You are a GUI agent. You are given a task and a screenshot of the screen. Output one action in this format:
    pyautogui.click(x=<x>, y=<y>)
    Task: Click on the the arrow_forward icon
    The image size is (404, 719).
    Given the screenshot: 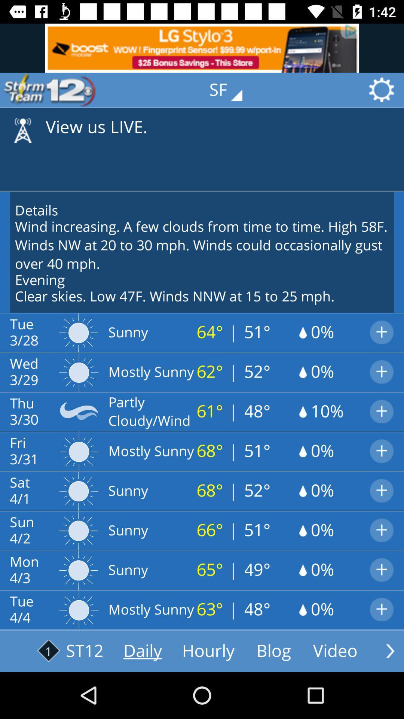 What is the action you would take?
    pyautogui.click(x=390, y=650)
    